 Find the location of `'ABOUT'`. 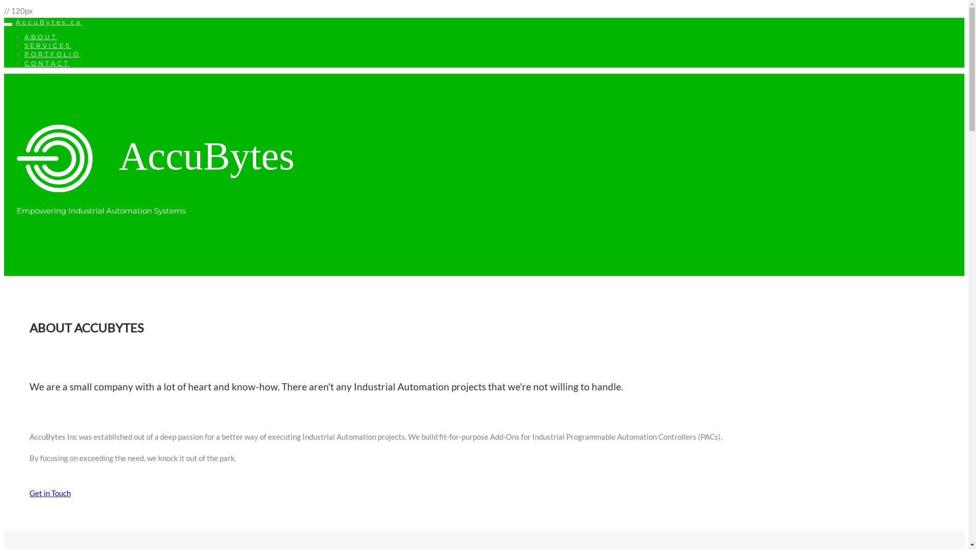

'ABOUT' is located at coordinates (41, 36).